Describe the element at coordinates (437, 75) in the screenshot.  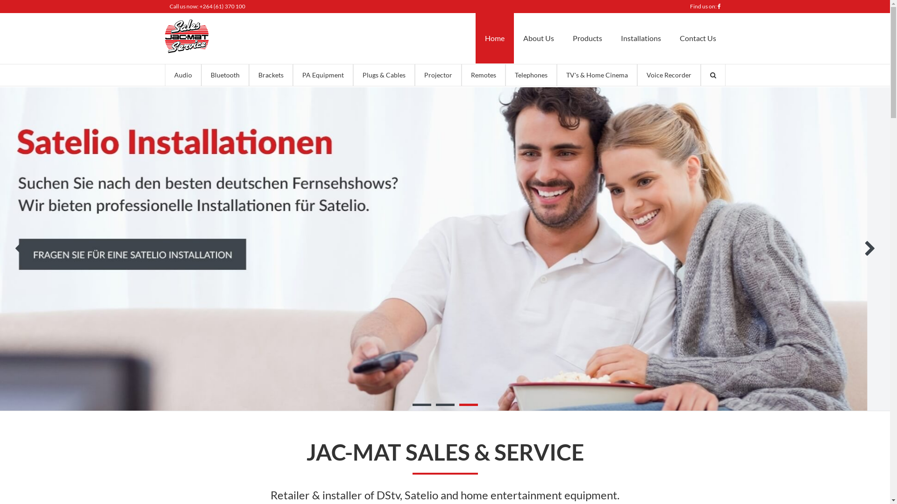
I see `'Projector'` at that location.